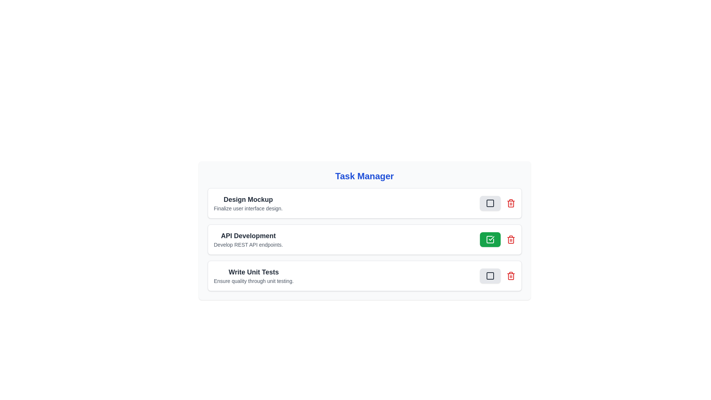  I want to click on the delete button located to the right of the checkbox for the task labeled 'Write Unit Tests', so click(510, 276).